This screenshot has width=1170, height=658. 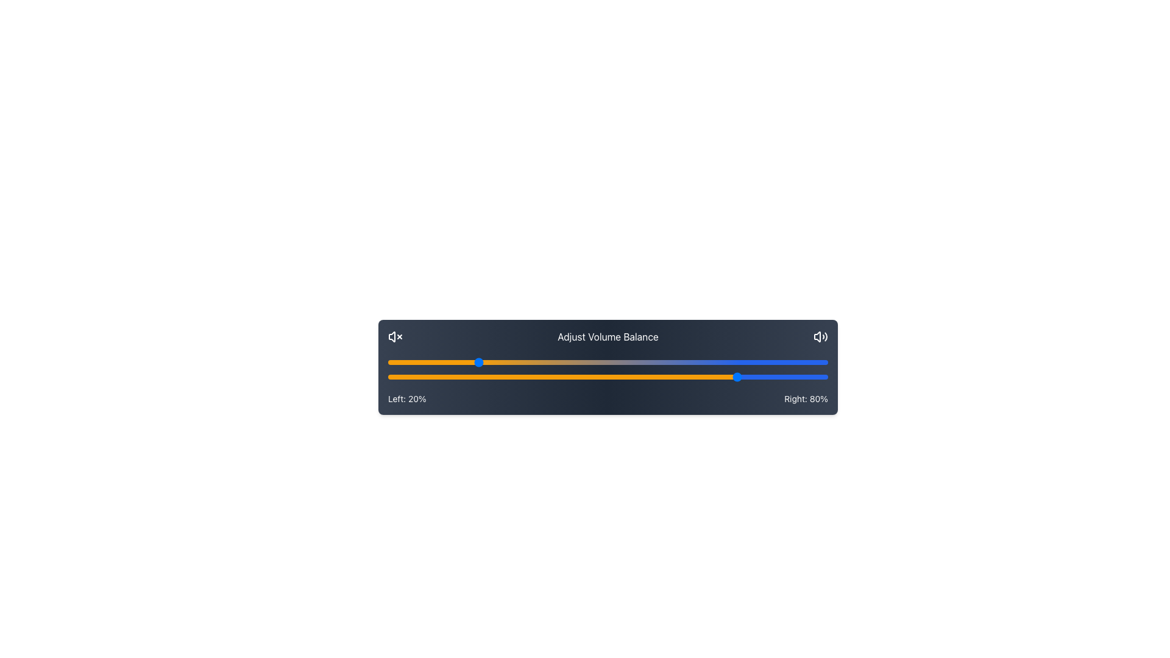 I want to click on the left balance, so click(x=537, y=361).